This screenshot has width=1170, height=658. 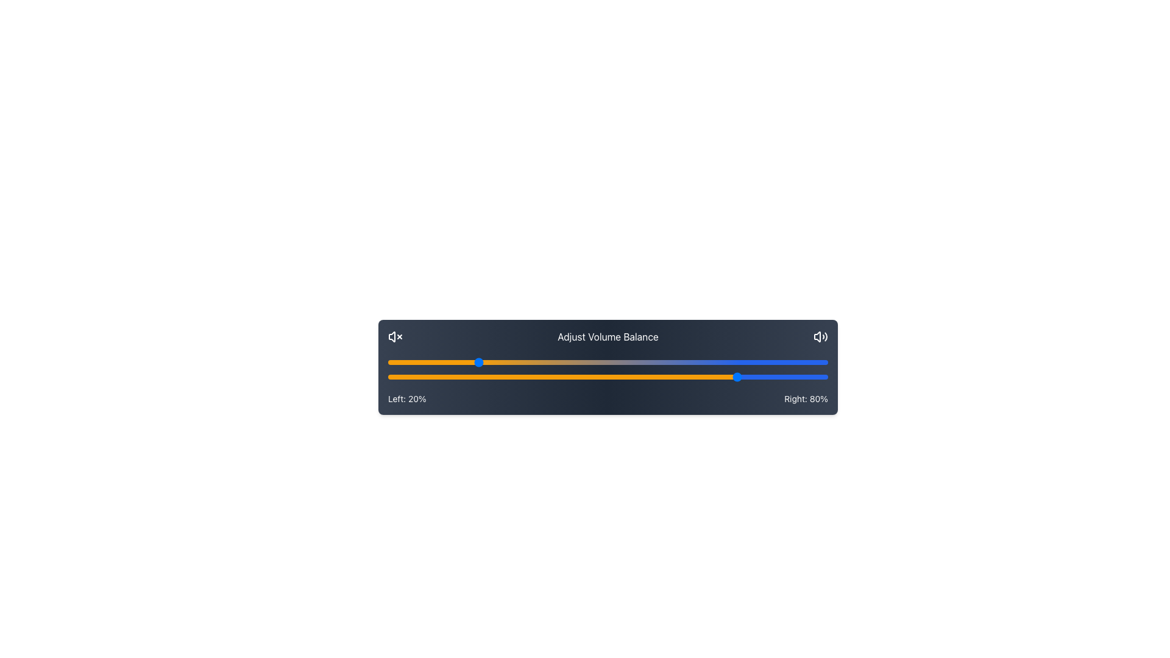 I want to click on the left balance, so click(x=537, y=361).